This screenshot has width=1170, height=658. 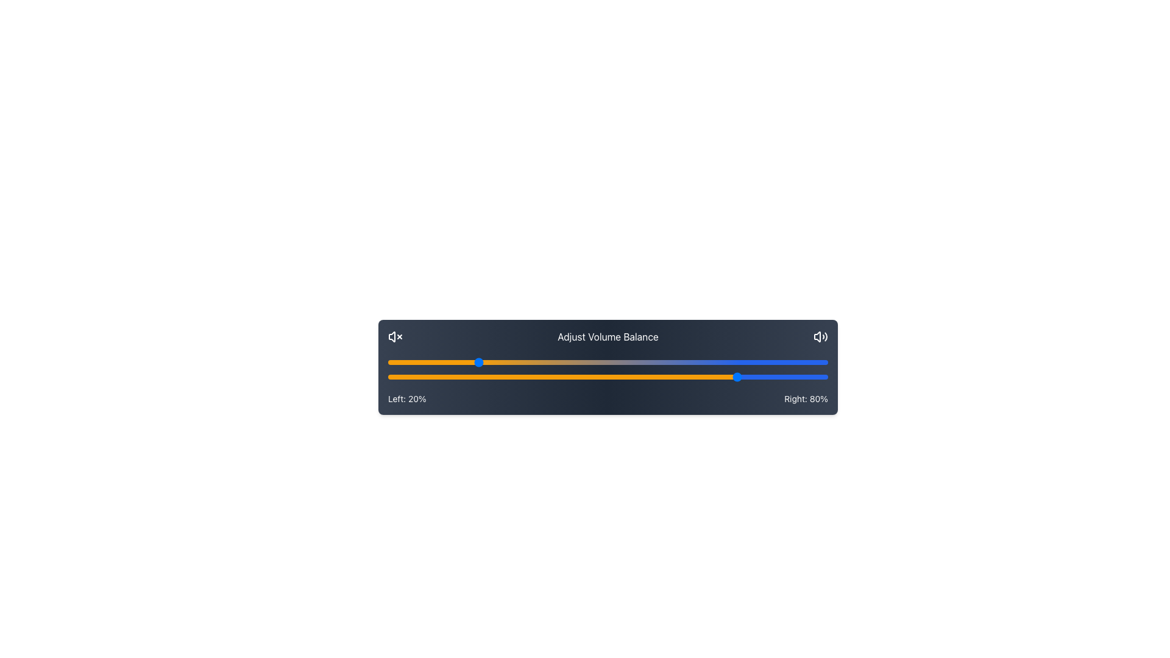 I want to click on the left balance, so click(x=537, y=361).